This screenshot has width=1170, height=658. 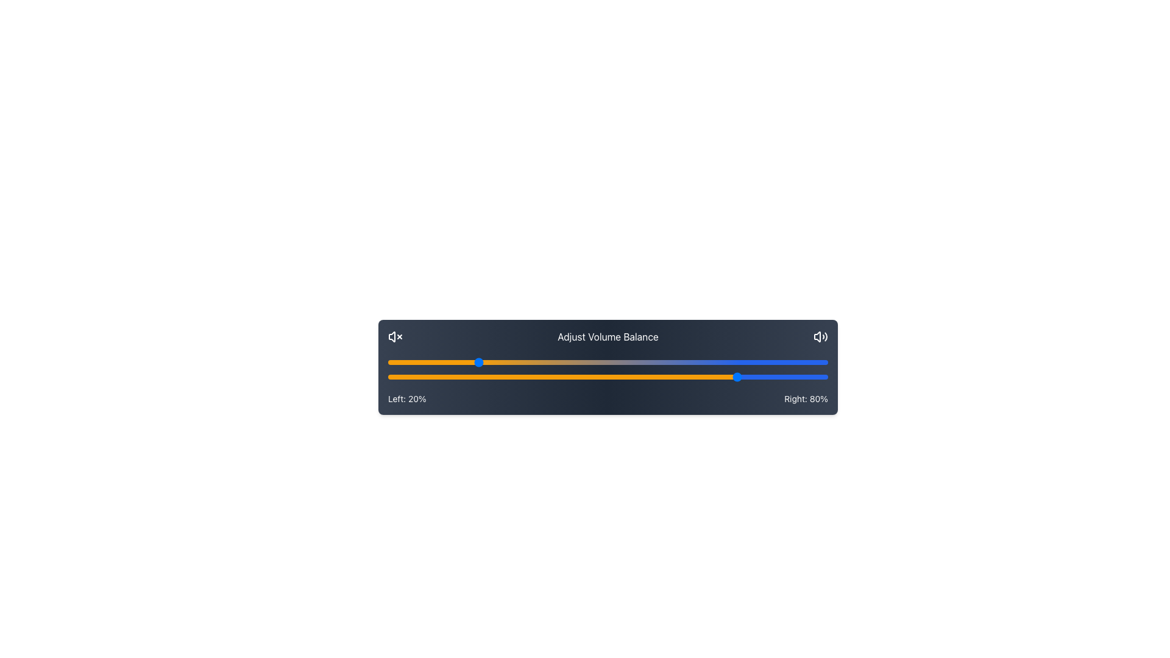 I want to click on the left balance, so click(x=537, y=361).